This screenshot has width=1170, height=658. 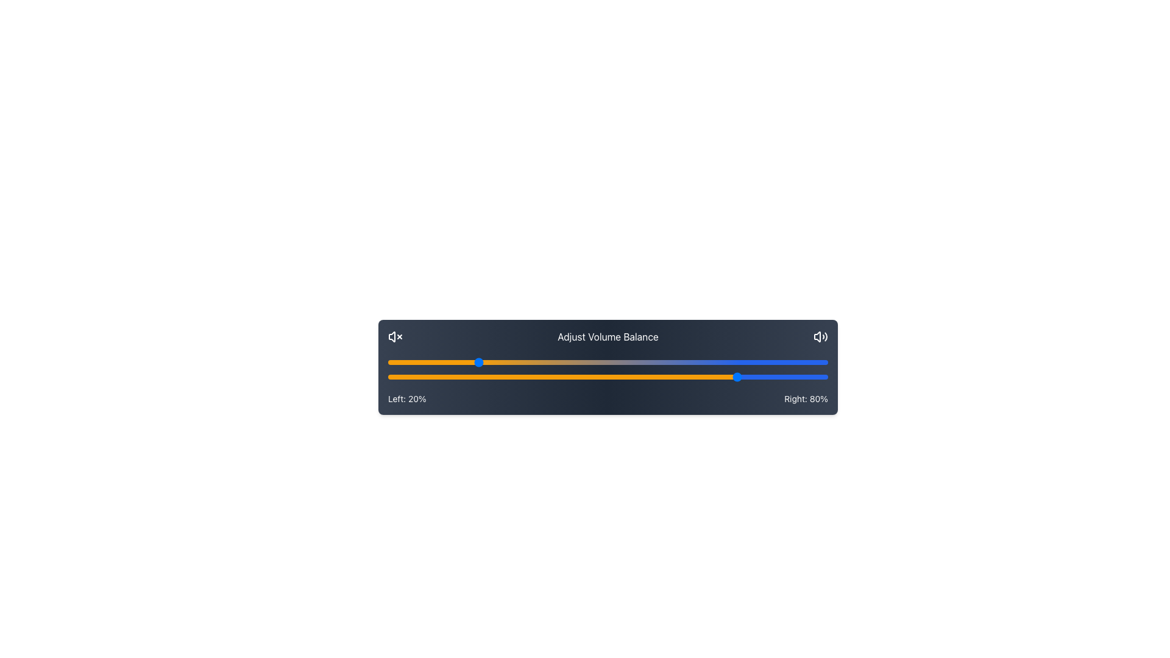 I want to click on the left balance, so click(x=537, y=361).